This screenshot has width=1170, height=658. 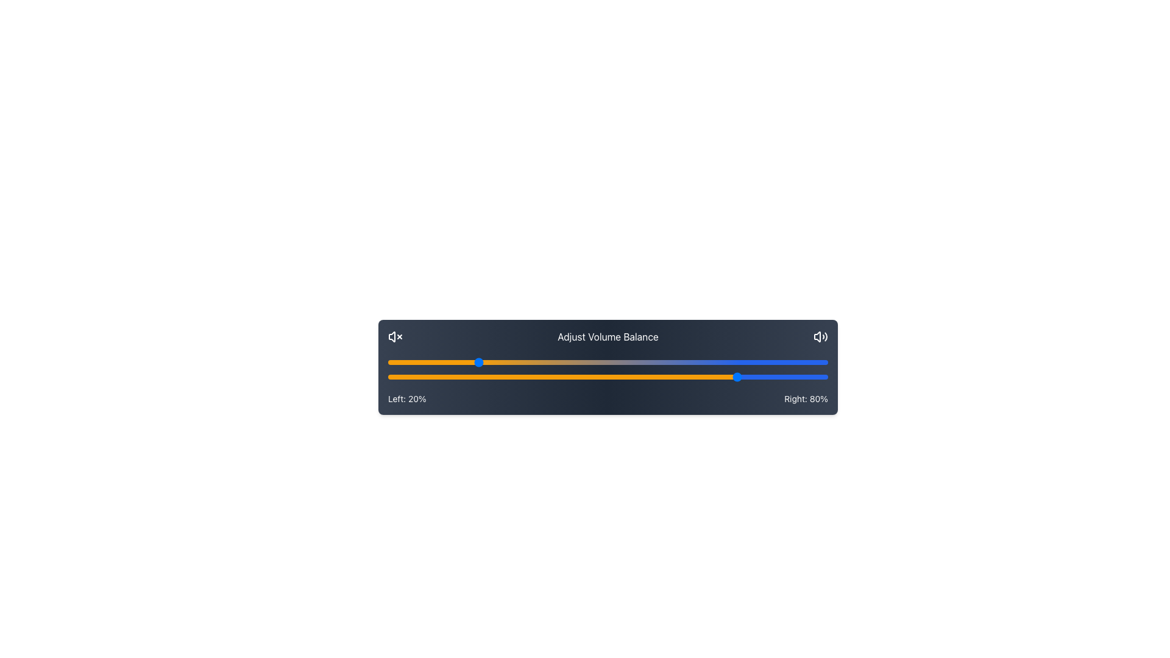 I want to click on the left balance, so click(x=537, y=361).